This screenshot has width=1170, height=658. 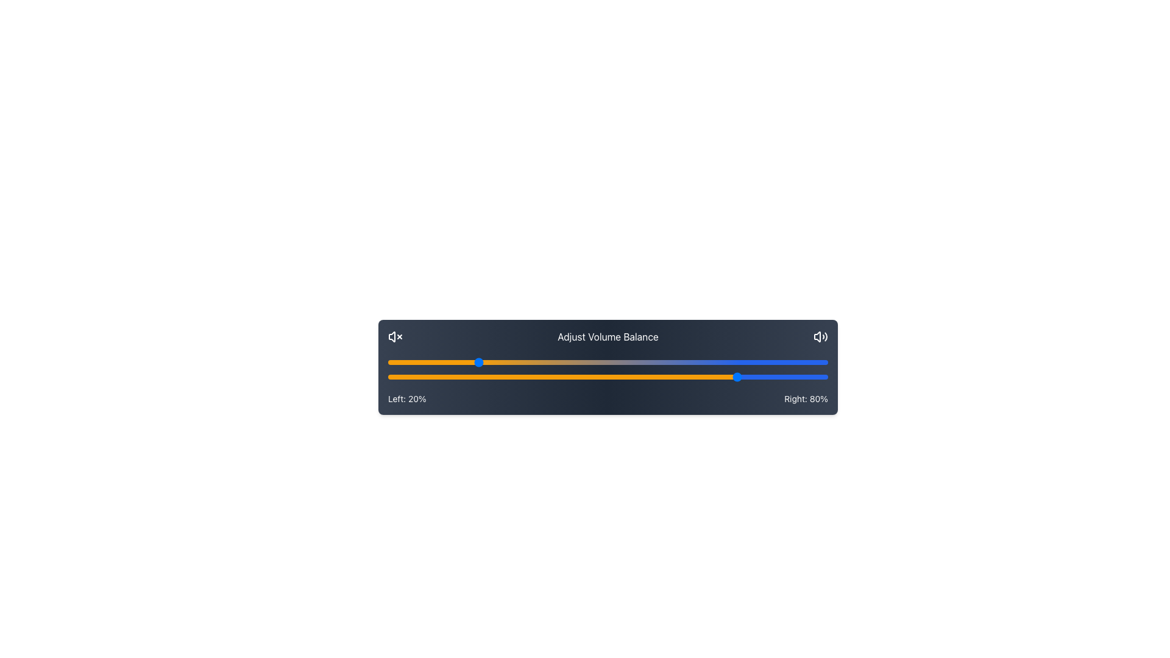 I want to click on the left balance, so click(x=537, y=361).